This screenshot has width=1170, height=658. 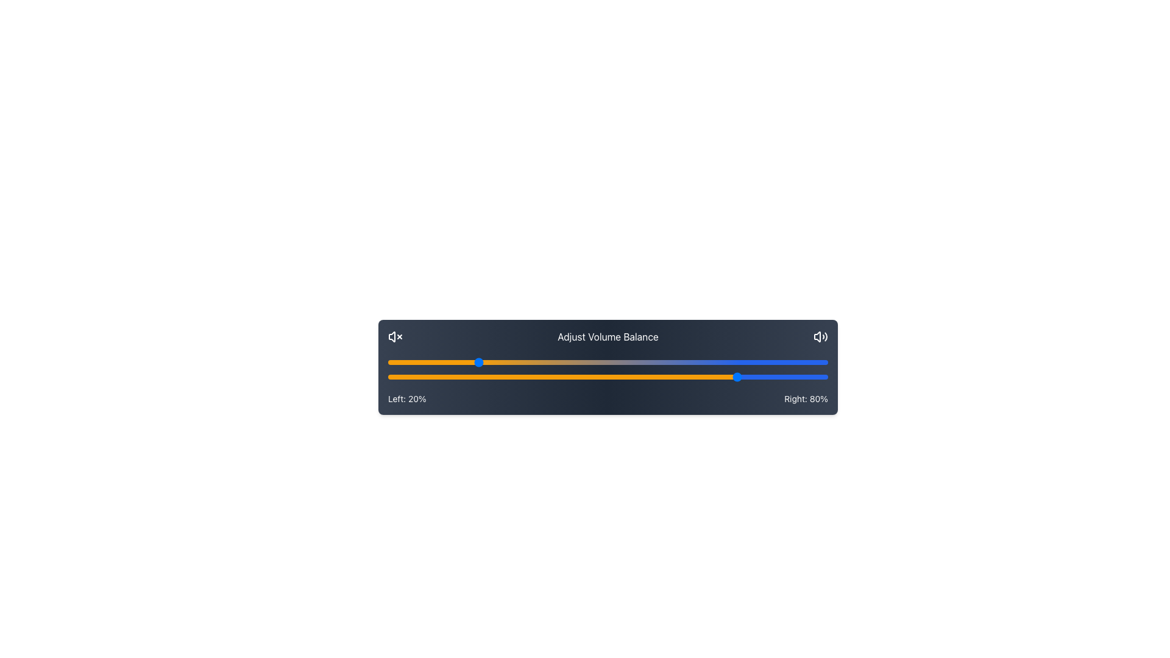 I want to click on the left balance, so click(x=537, y=361).